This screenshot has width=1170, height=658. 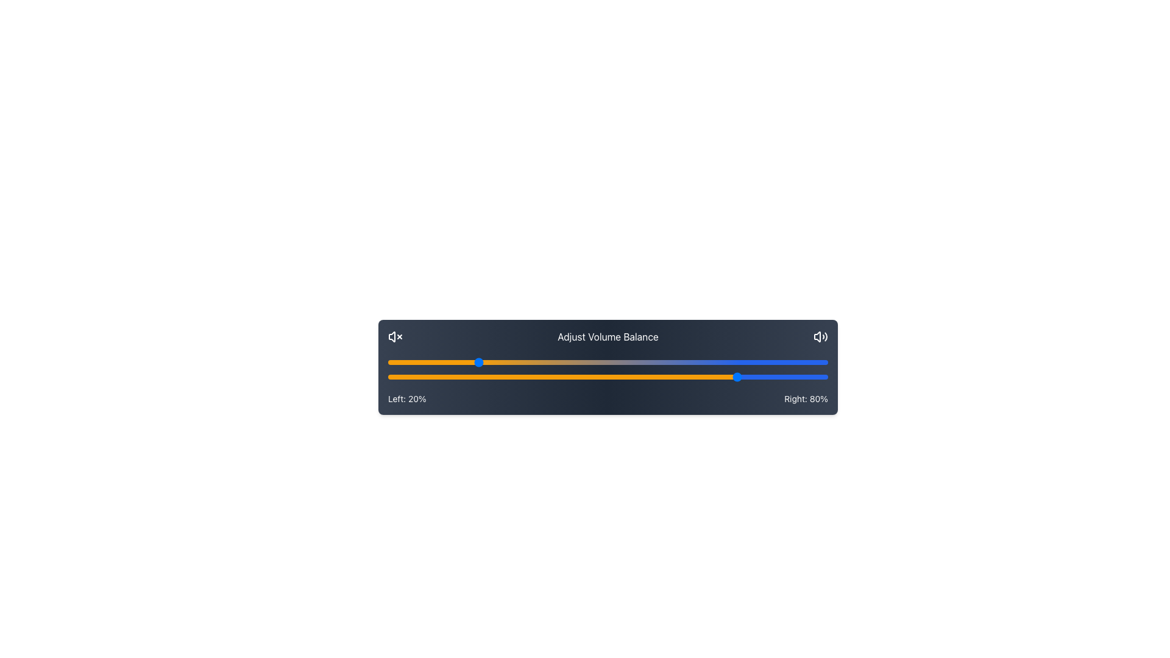 I want to click on the left balance, so click(x=537, y=361).